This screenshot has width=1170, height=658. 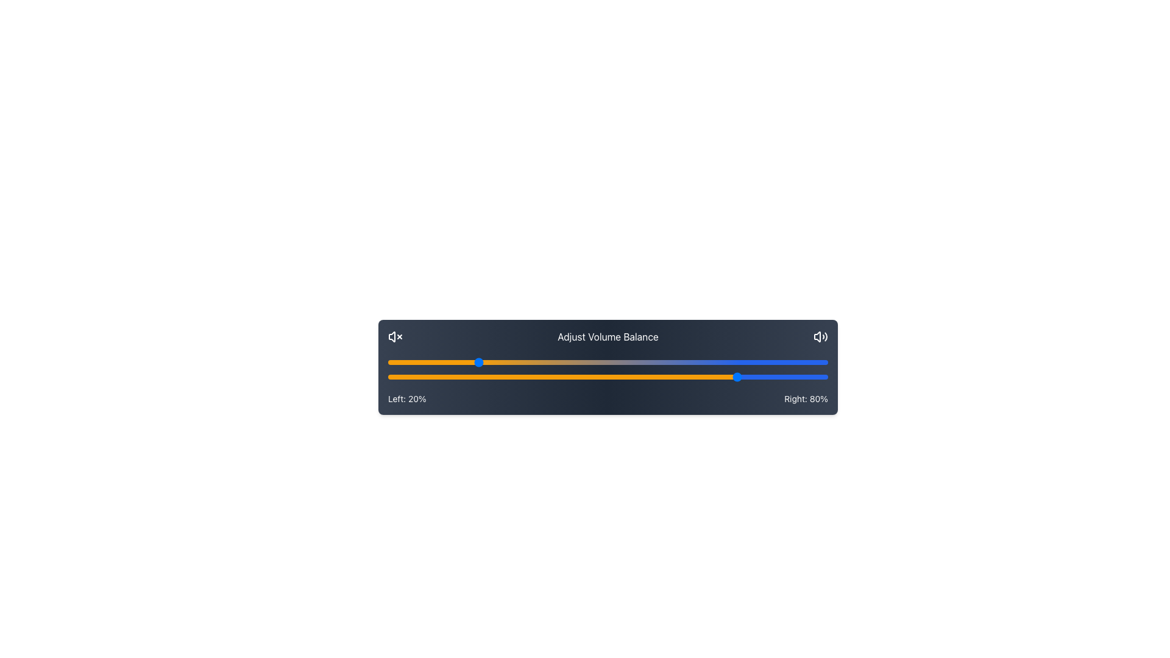 I want to click on the left balance, so click(x=537, y=361).